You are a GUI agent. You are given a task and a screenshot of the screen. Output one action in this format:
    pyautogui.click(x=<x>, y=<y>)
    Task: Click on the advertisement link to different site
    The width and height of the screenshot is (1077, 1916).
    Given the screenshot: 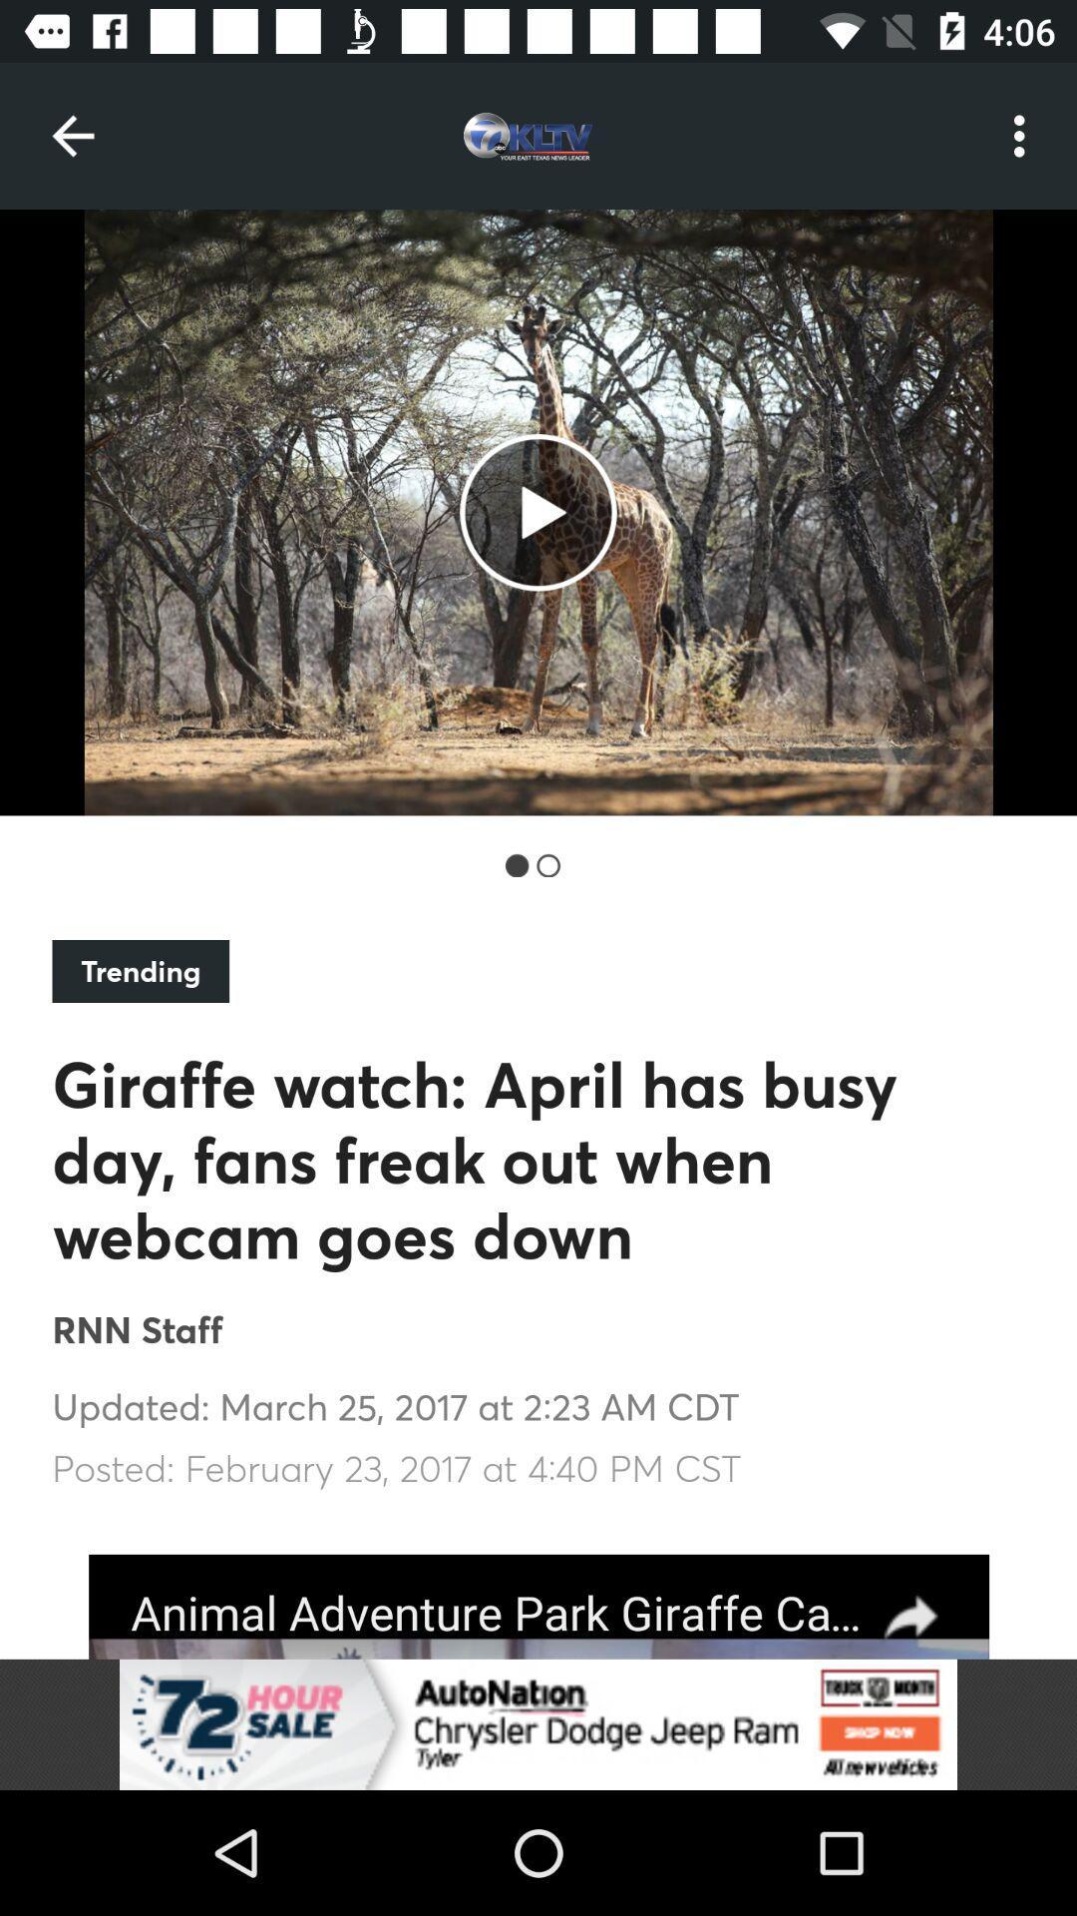 What is the action you would take?
    pyautogui.click(x=538, y=1607)
    